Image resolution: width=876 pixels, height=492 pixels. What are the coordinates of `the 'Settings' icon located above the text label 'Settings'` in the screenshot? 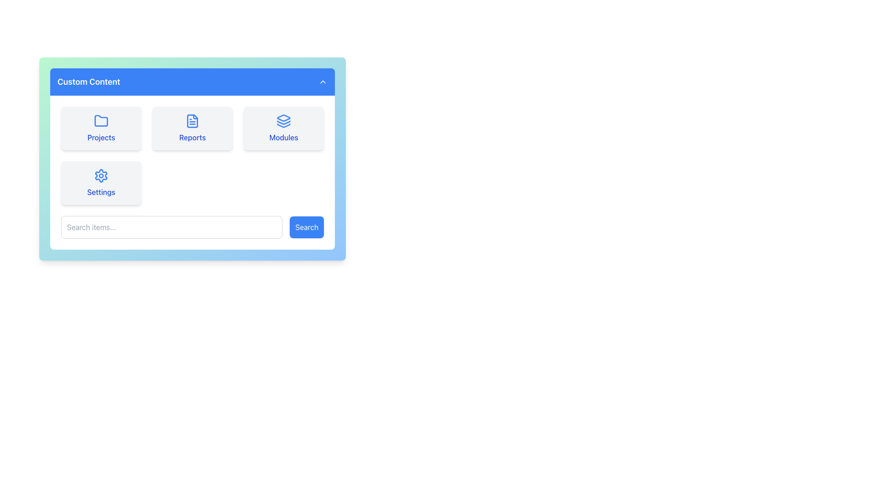 It's located at (101, 175).